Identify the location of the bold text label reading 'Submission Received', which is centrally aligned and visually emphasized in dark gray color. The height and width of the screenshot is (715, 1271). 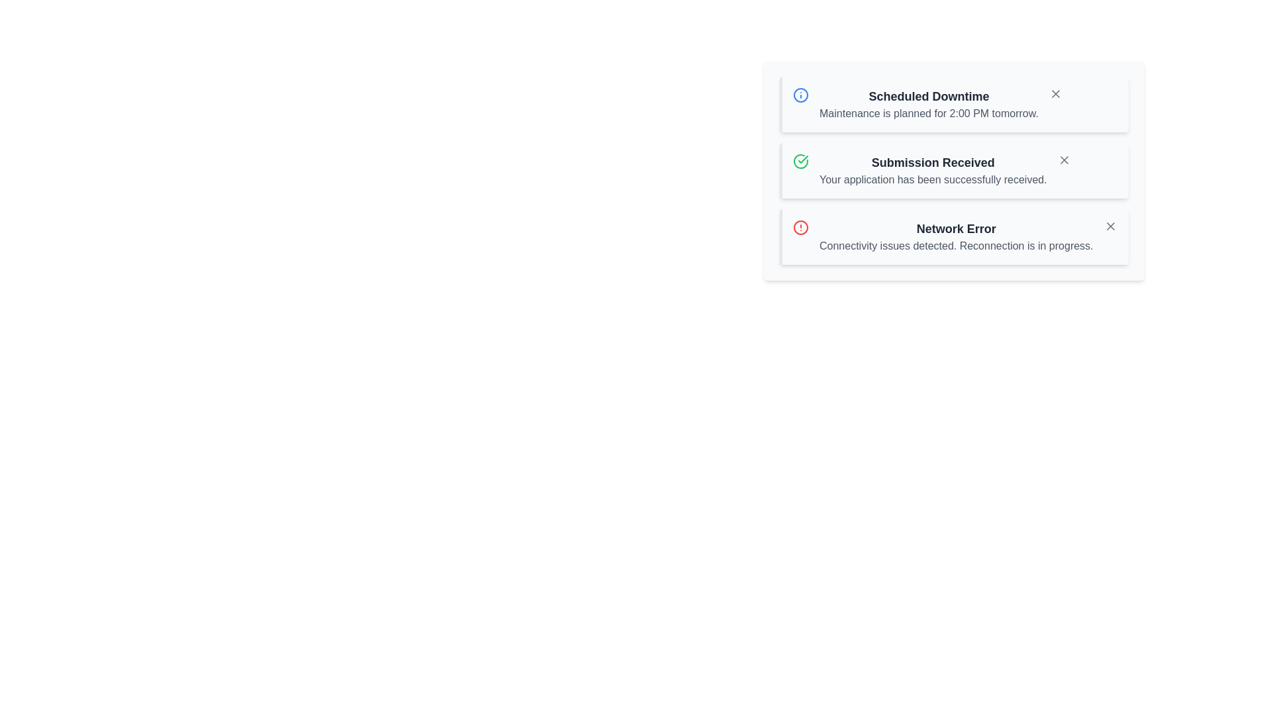
(932, 162).